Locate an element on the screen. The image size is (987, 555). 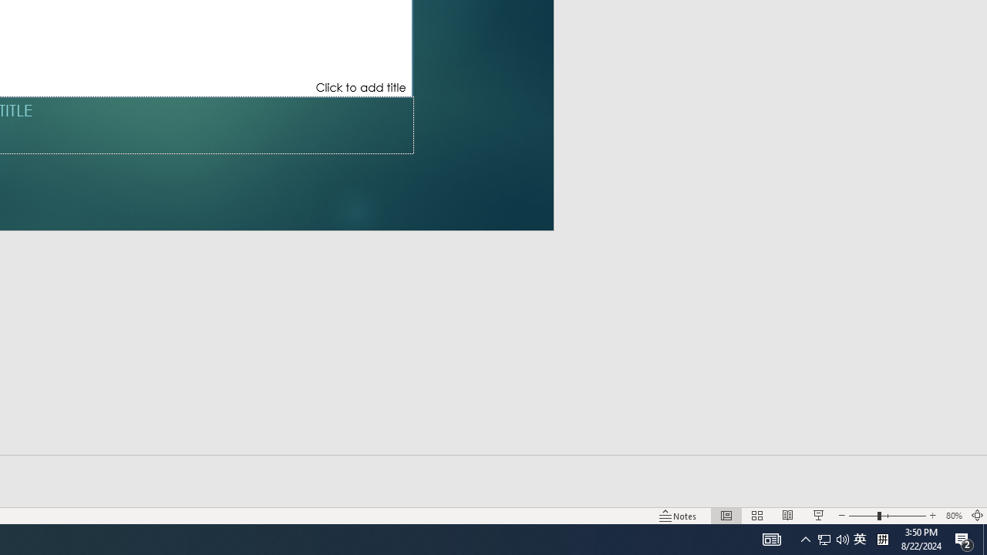
'Zoom' is located at coordinates (887, 516).